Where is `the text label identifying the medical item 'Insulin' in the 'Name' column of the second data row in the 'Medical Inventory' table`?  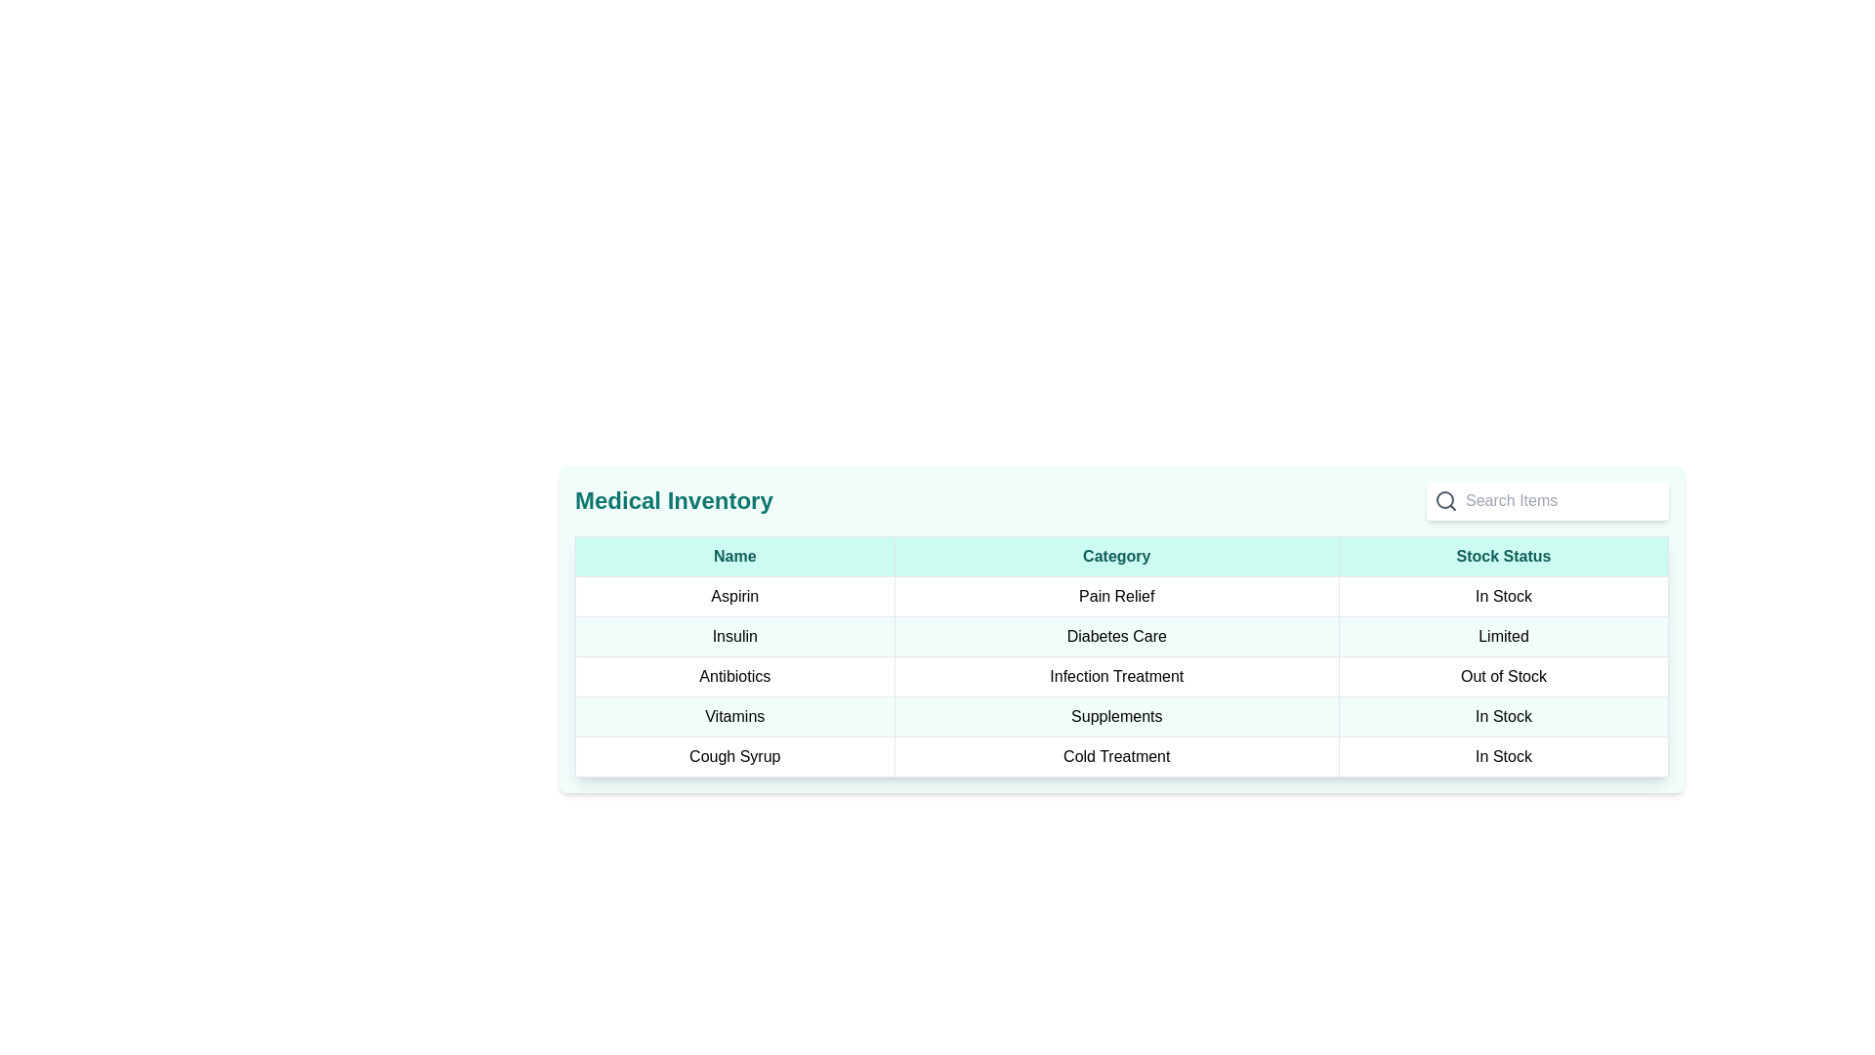
the text label identifying the medical item 'Insulin' in the 'Name' column of the second data row in the 'Medical Inventory' table is located at coordinates (733, 636).